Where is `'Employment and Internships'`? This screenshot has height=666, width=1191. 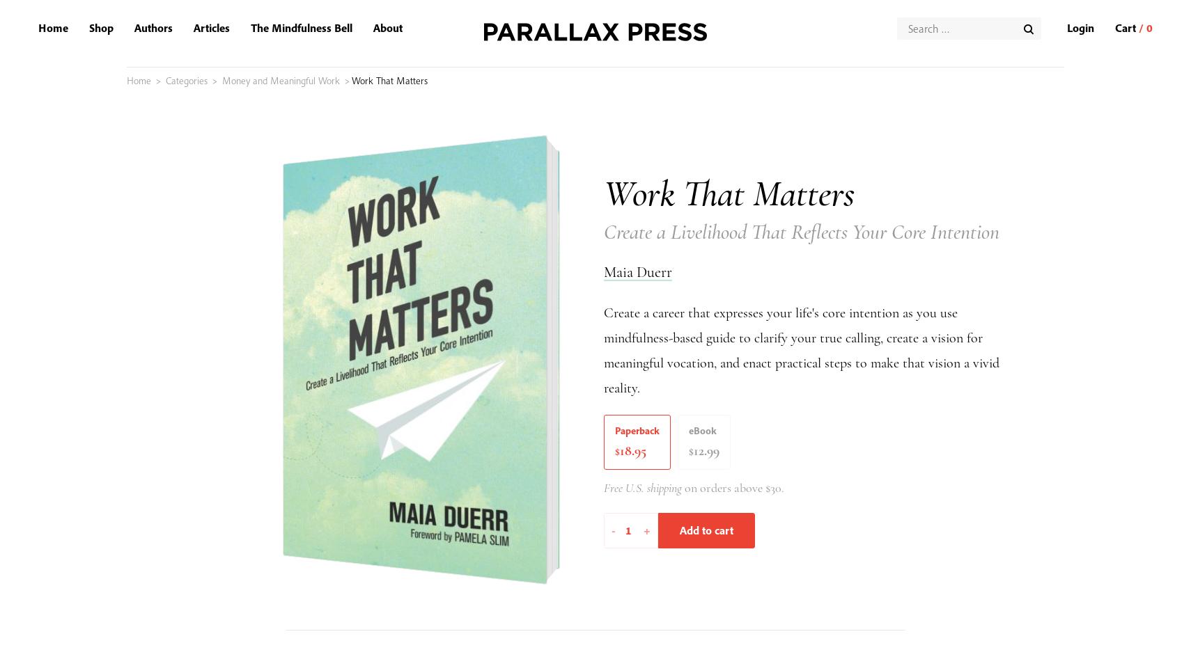
'Employment and Internships' is located at coordinates (171, 526).